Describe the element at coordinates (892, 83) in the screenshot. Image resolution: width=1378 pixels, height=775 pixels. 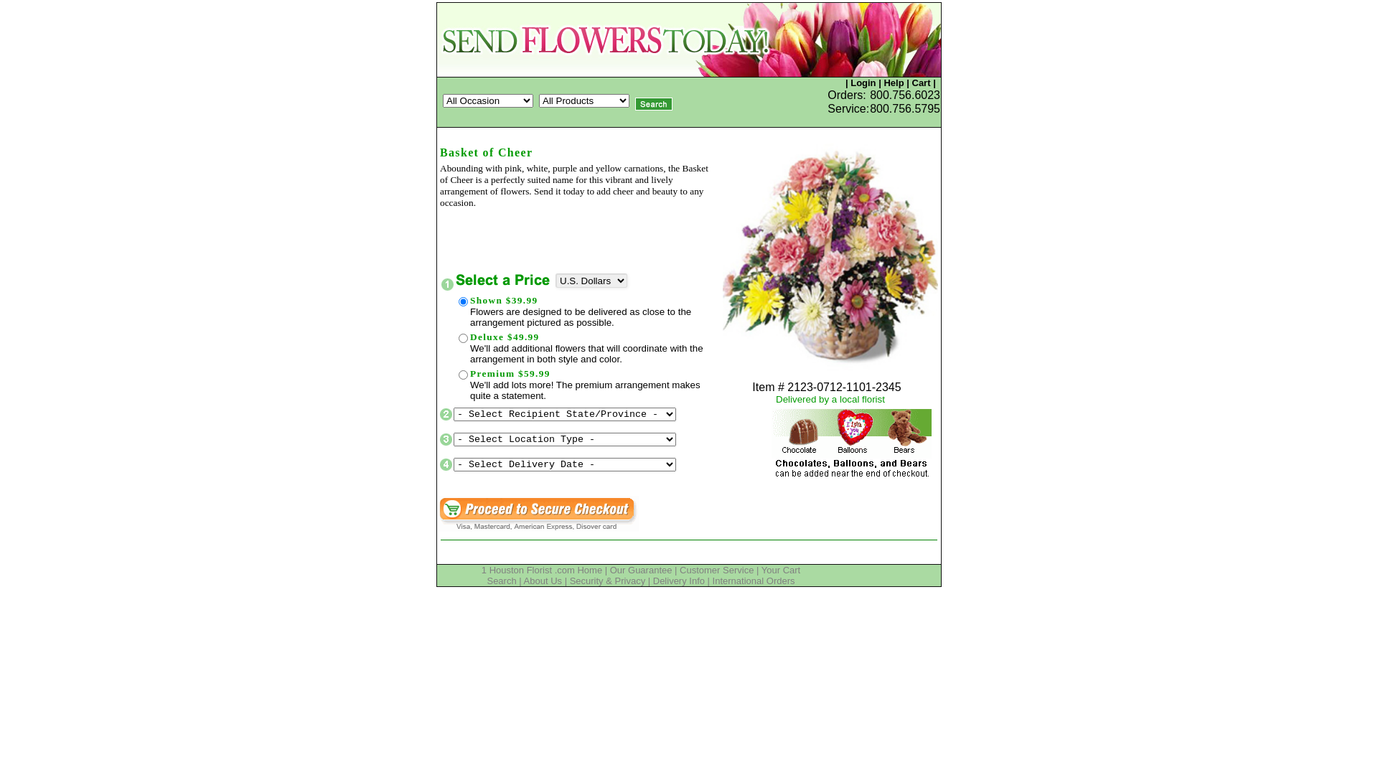
I see `'Help'` at that location.